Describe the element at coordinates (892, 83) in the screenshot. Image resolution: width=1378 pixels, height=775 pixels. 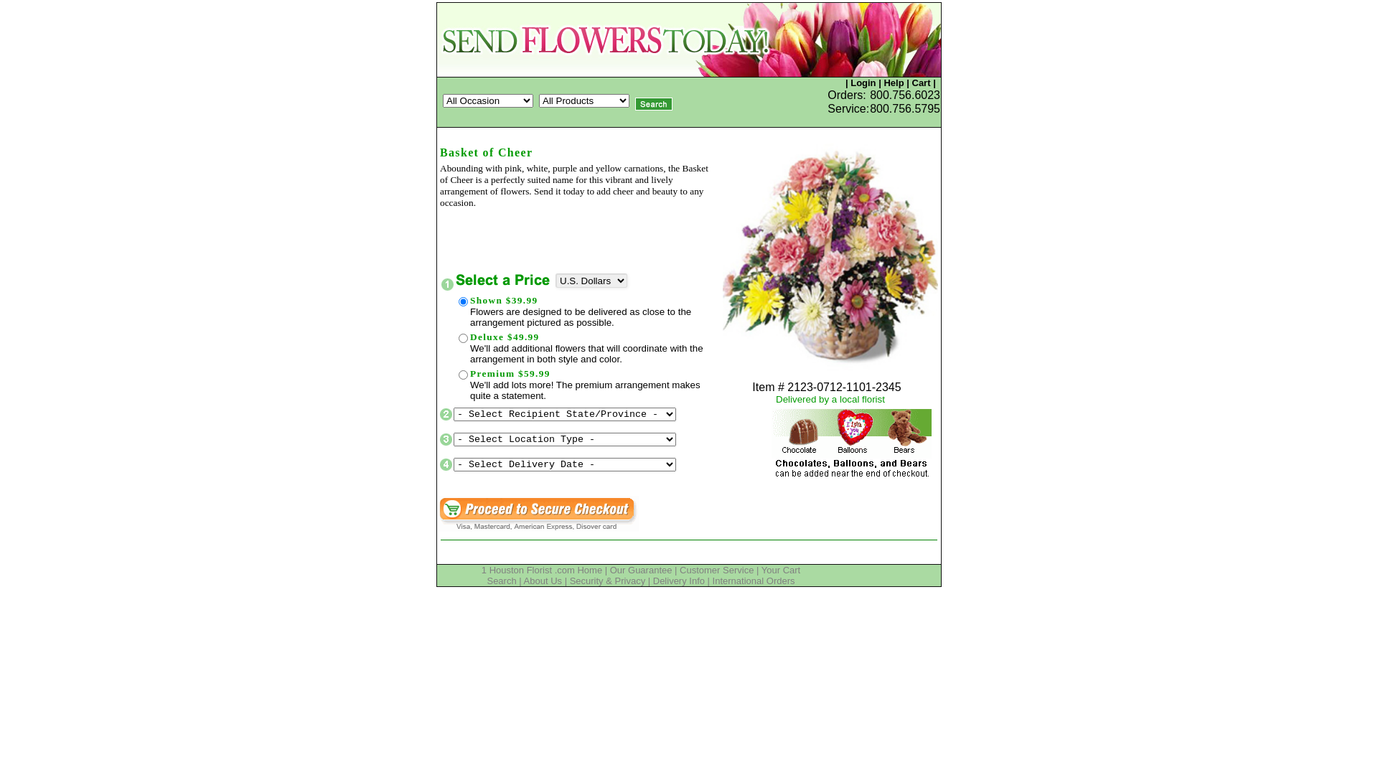
I see `'Help'` at that location.